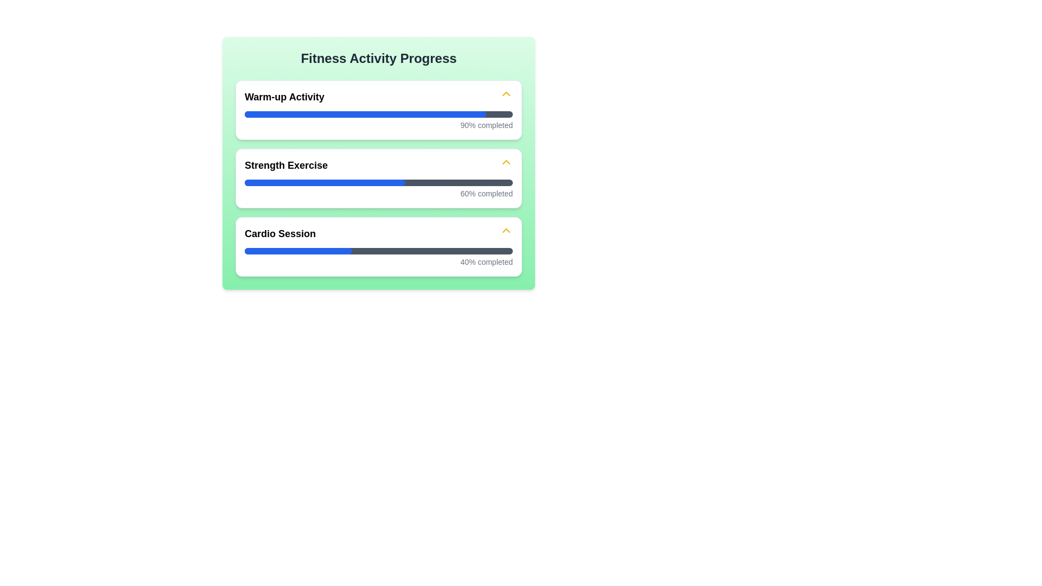 The image size is (1042, 586). I want to click on the upward-pointing yellow chevron icon in the top-right corner of the 'Warm-up Activity' section, so click(505, 95).